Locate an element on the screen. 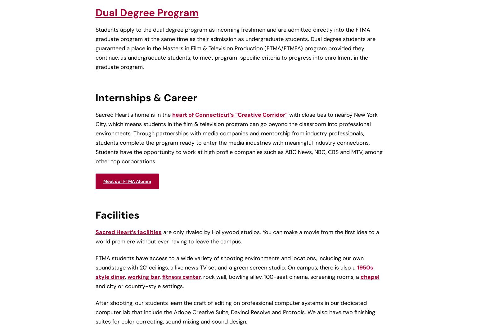 The image size is (481, 335). 'are only rivaled by Hollywood studios. You can make a movie from the first idea to a world premiere without ever having to leave the campus.' is located at coordinates (237, 236).